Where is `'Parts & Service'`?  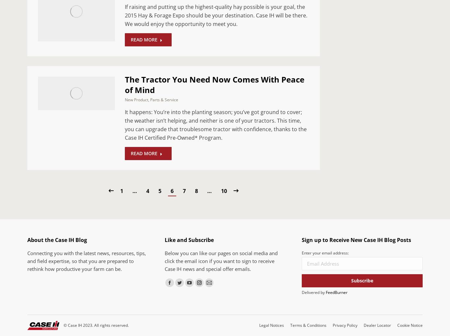
'Parts & Service' is located at coordinates (164, 99).